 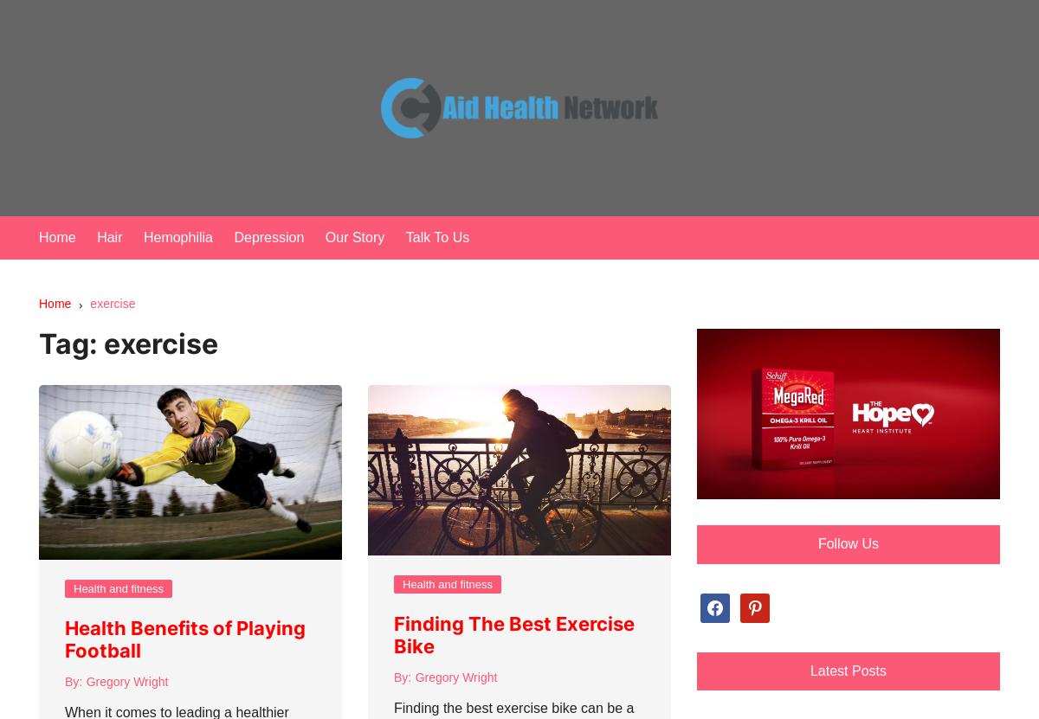 What do you see at coordinates (325, 236) in the screenshot?
I see `'Our Story'` at bounding box center [325, 236].